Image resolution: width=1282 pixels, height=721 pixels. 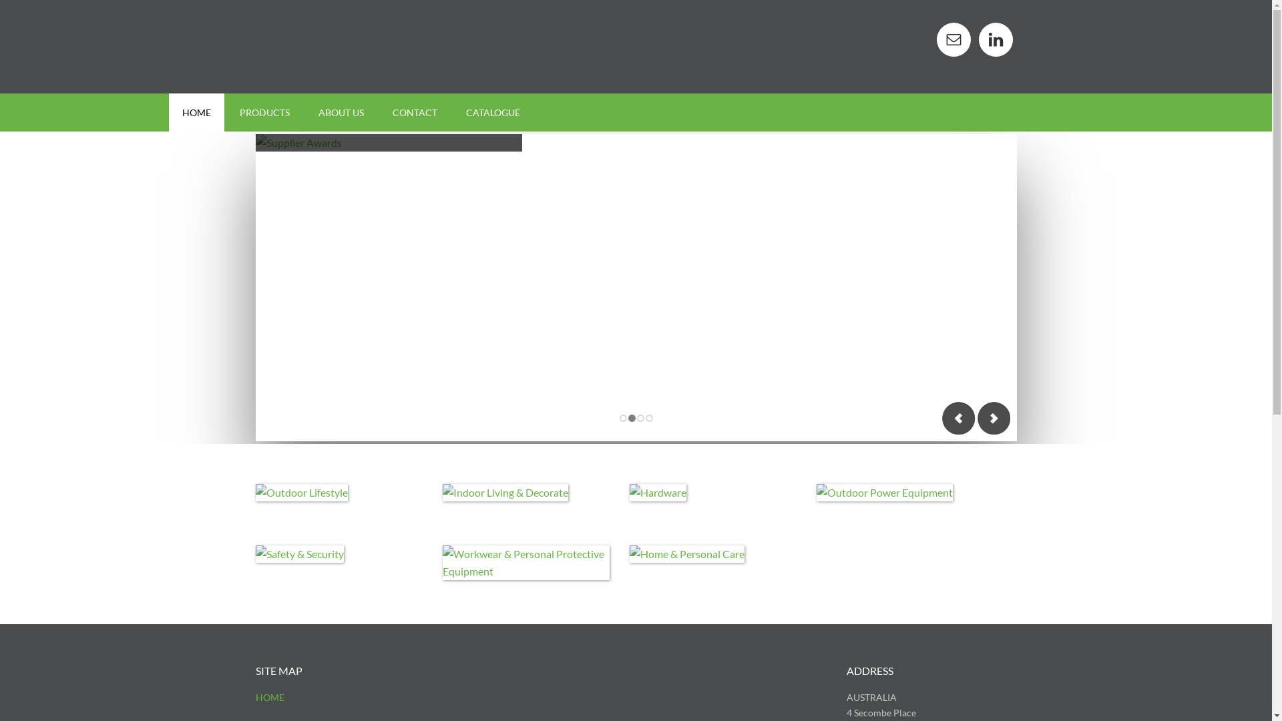 I want to click on 'MAYO HARDWARE', so click(x=369, y=45).